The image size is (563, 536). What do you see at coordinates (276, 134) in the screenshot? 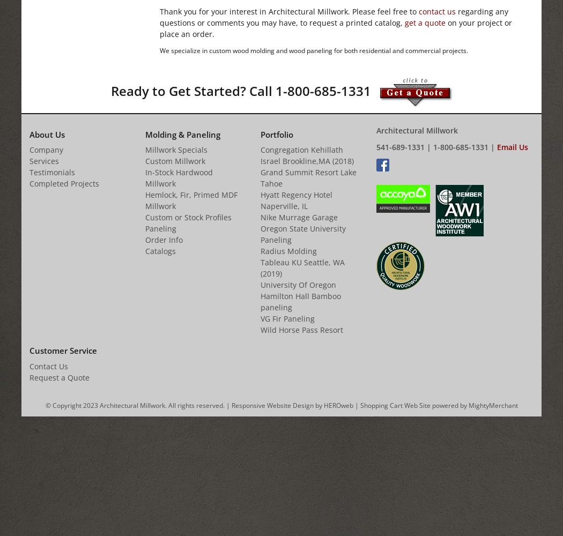
I see `'Portfolio'` at bounding box center [276, 134].